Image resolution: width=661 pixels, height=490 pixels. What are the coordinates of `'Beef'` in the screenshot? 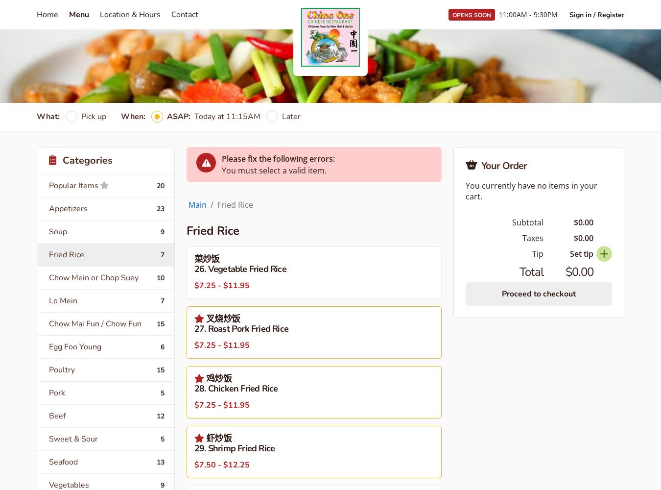 It's located at (48, 416).